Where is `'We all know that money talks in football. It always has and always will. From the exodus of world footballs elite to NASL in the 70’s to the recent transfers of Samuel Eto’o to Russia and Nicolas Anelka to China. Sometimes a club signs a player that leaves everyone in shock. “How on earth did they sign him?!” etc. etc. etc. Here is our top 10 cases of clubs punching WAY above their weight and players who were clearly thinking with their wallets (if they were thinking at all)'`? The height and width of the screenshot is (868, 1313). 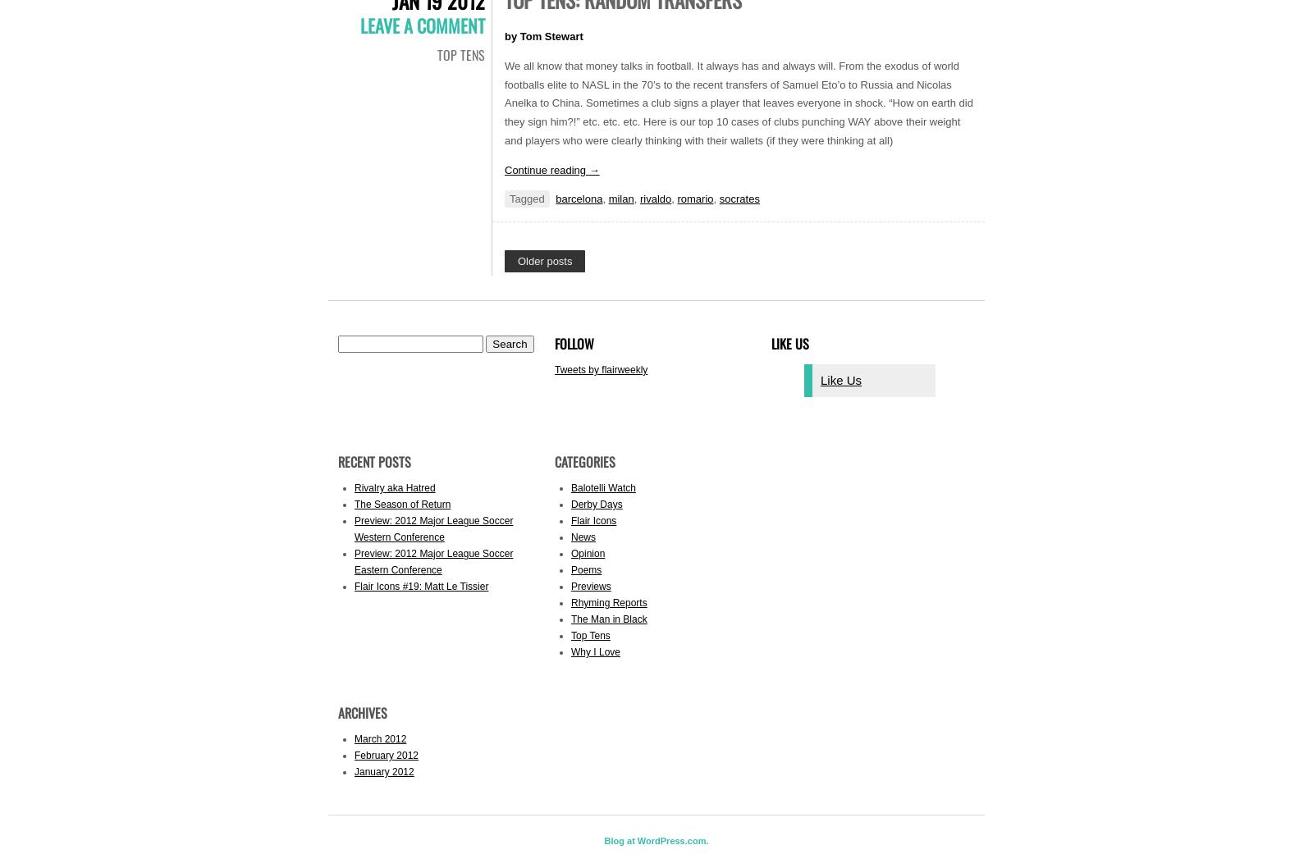 'We all know that money talks in football. It always has and always will. From the exodus of world footballs elite to NASL in the 70’s to the recent transfers of Samuel Eto’o to Russia and Nicolas Anelka to China. Sometimes a club signs a player that leaves everyone in shock. “How on earth did they sign him?!” etc. etc. etc. Here is our top 10 cases of clubs punching WAY above their weight and players who were clearly thinking with their wallets (if they were thinking at all)' is located at coordinates (738, 101).